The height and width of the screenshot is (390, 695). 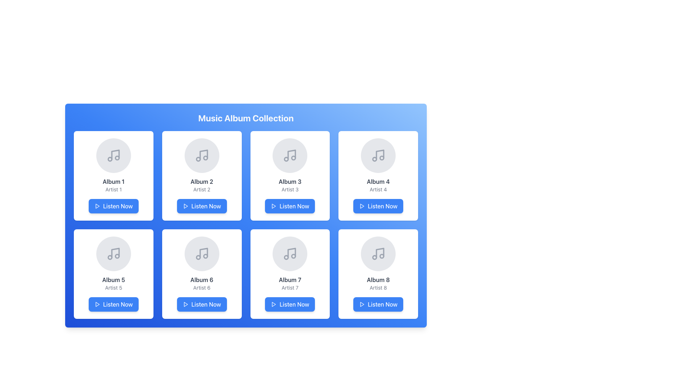 What do you see at coordinates (202, 181) in the screenshot?
I see `the text label element that identifies 'Album 2', located in the second card of the top row, below the circular placeholder and above 'Artist 2'` at bounding box center [202, 181].